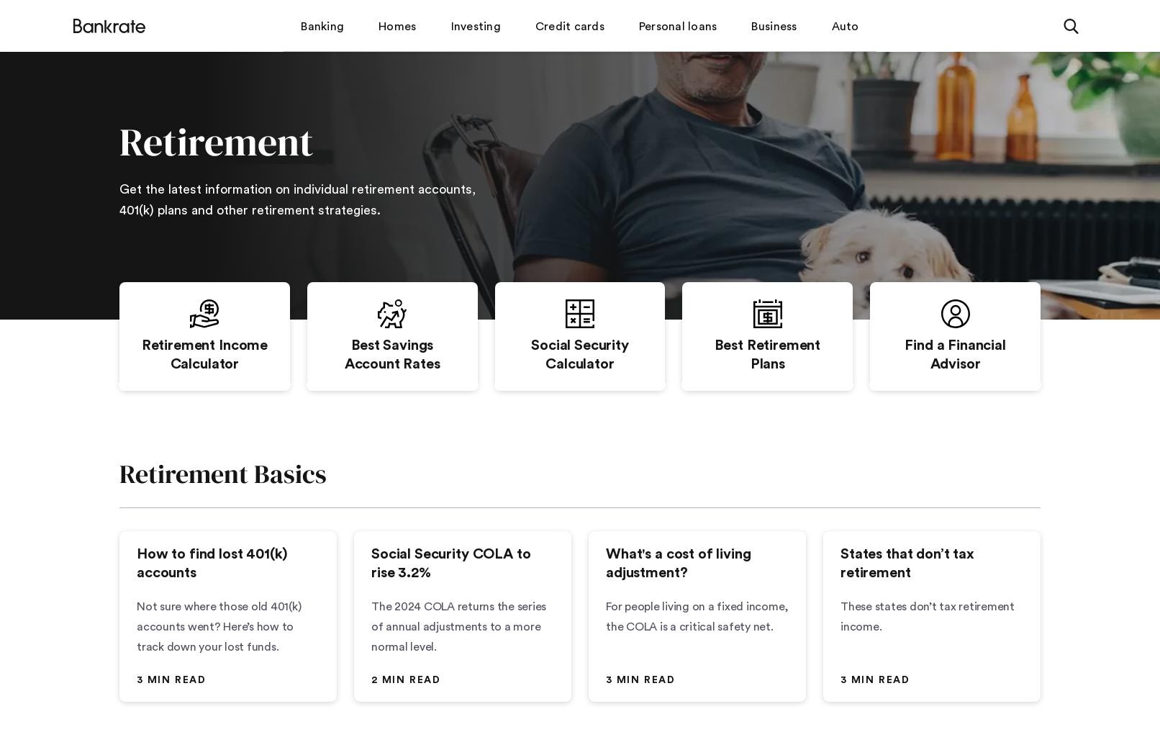 The height and width of the screenshot is (750, 1160). Describe the element at coordinates (697, 617) in the screenshot. I see `'For people living on a fixed income, the COLA is a critical safety net.'` at that location.